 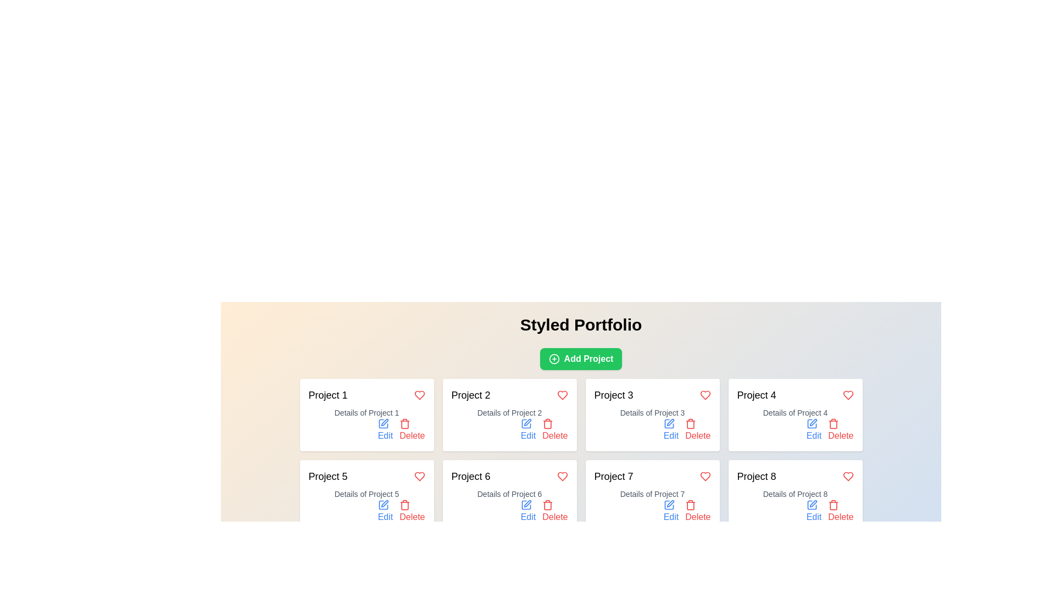 What do you see at coordinates (554, 359) in the screenshot?
I see `the circular icon with a plus sign located inside the 'Add Project' button, situated at the top-center of the user interface beneath the 'Styled Portfolio' header` at bounding box center [554, 359].